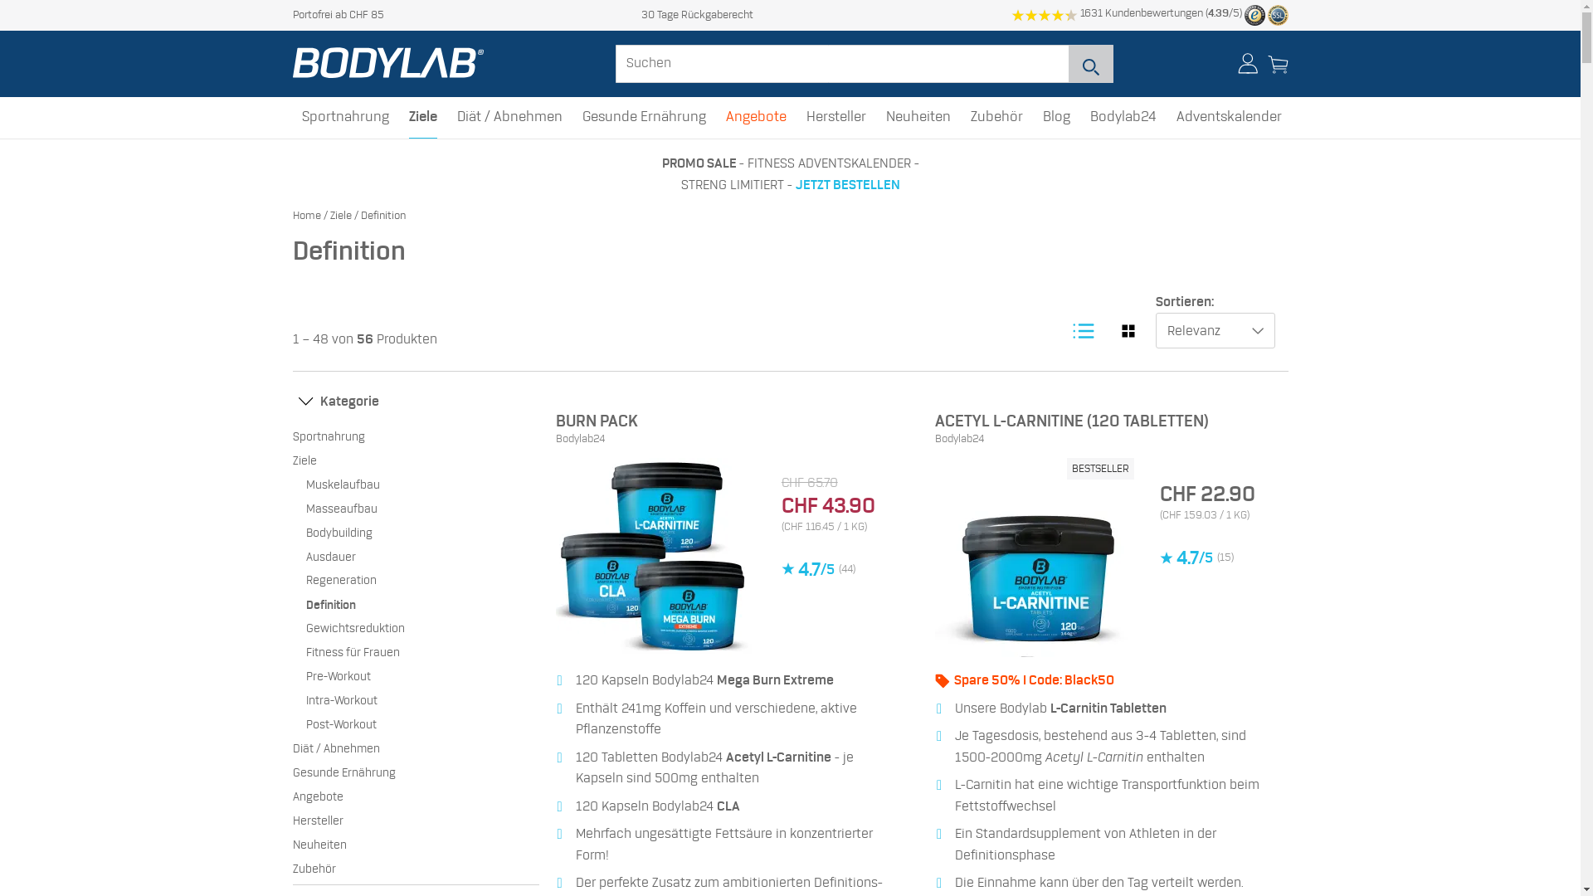 The height and width of the screenshot is (896, 1593). What do you see at coordinates (291, 15) in the screenshot?
I see `'Portofrei ab CHF 85'` at bounding box center [291, 15].